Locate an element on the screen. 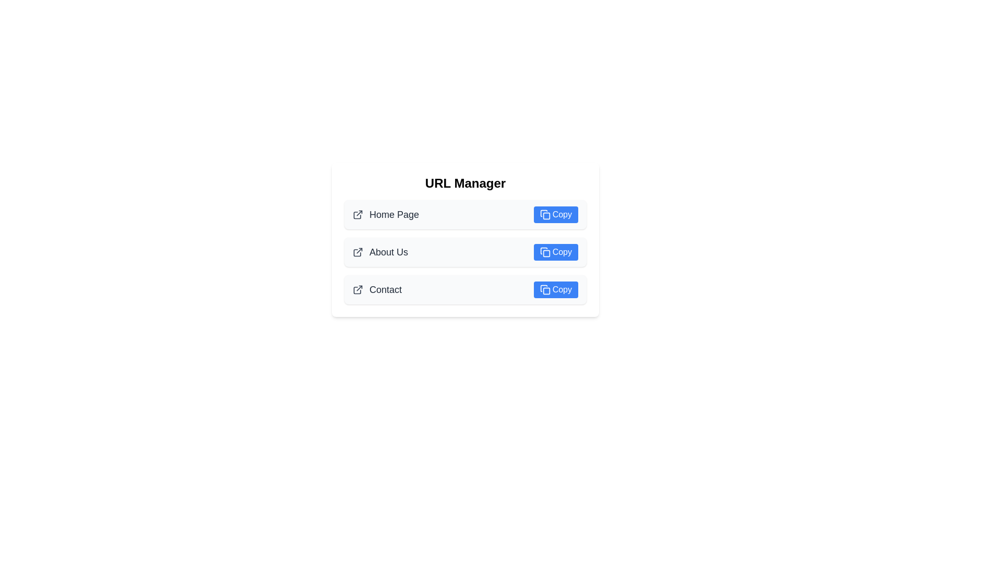  the button is located at coordinates (555, 252).